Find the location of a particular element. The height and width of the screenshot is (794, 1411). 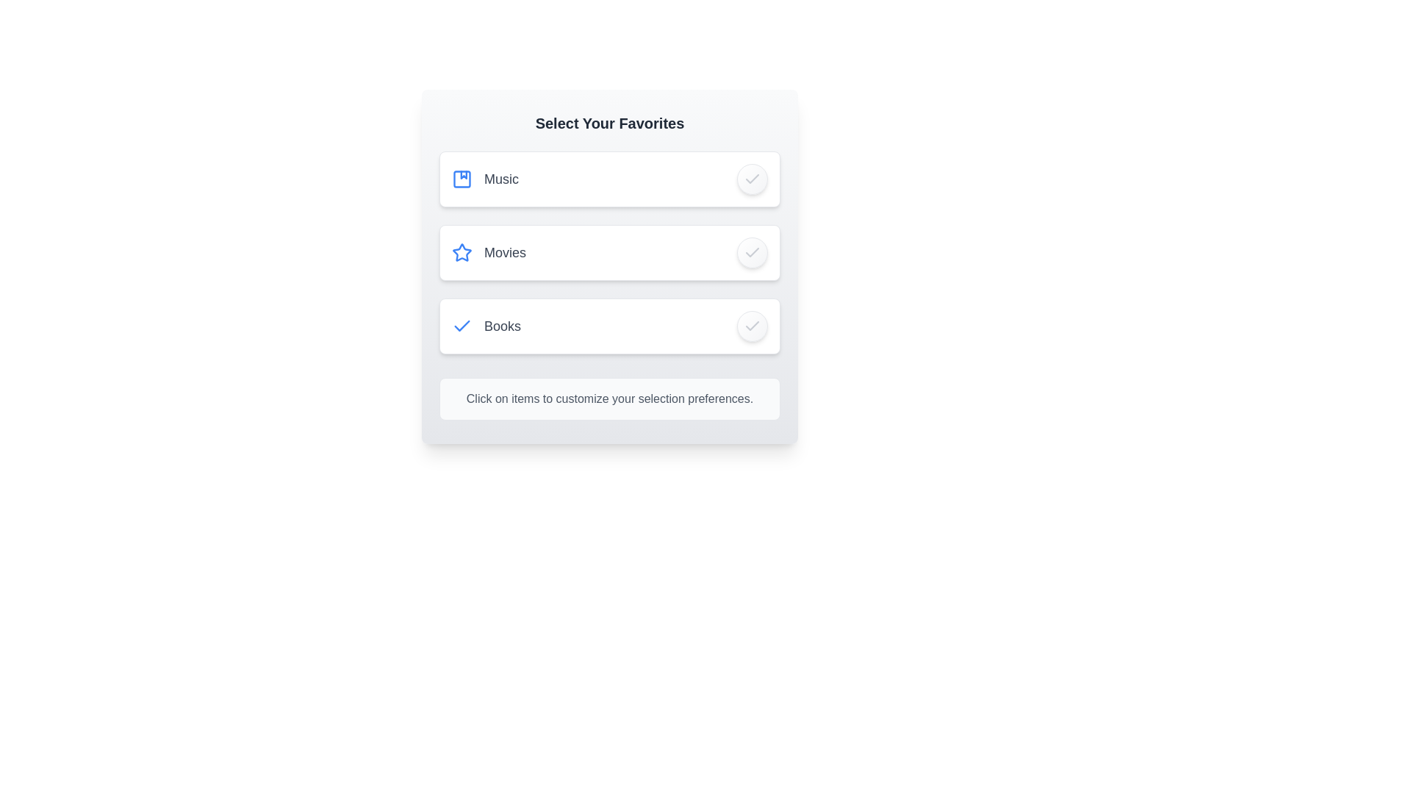

the checkmark icon located on the right side of the third row under the title 'Books', which is represented by a blue checkmark shape is located at coordinates (461, 325).